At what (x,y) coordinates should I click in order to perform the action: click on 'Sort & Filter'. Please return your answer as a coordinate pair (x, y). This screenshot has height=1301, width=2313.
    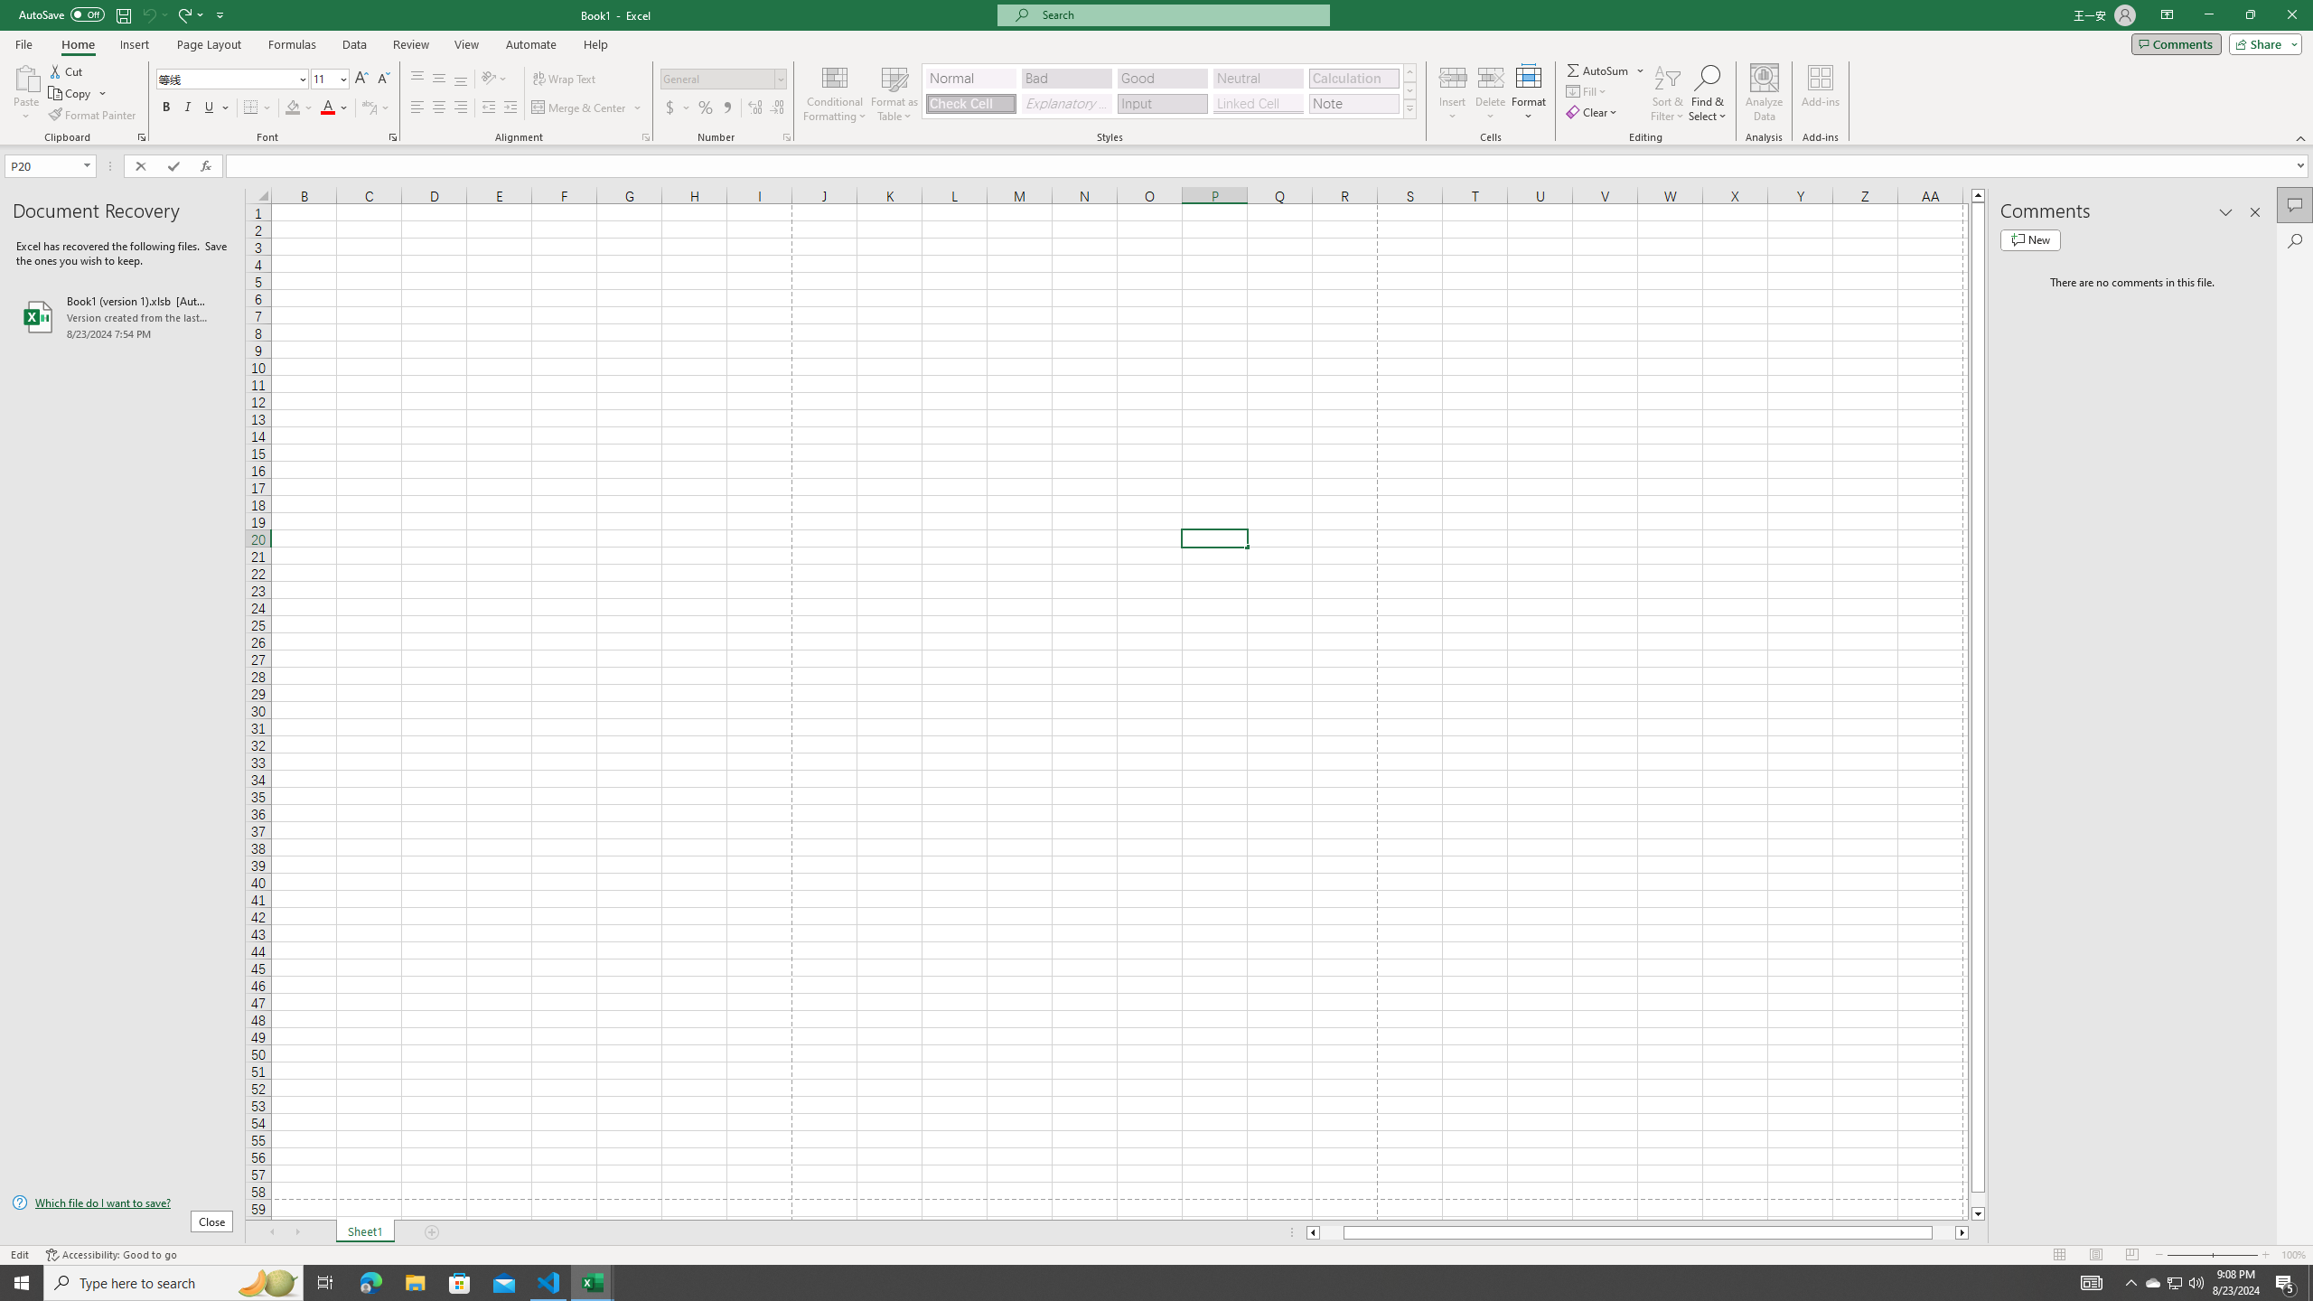
    Looking at the image, I should click on (1666, 93).